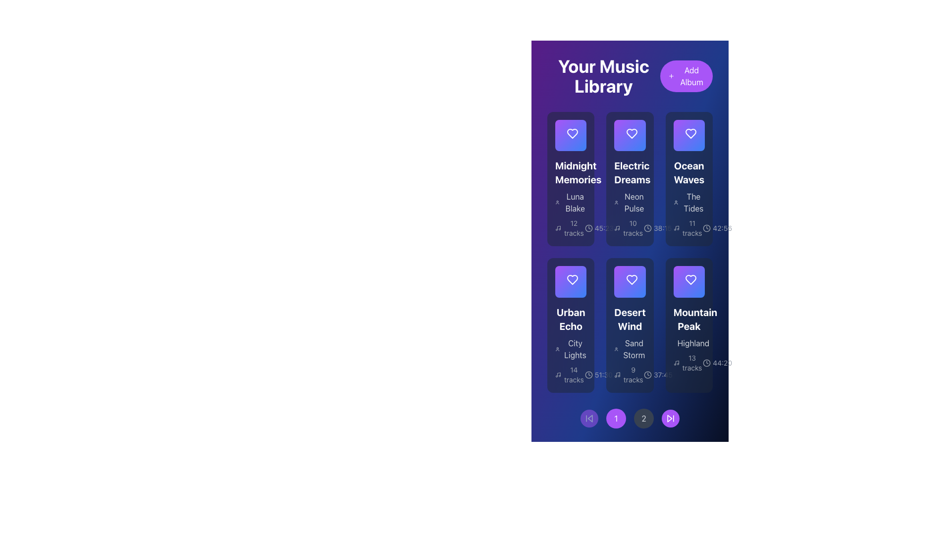 The width and height of the screenshot is (951, 535). Describe the element at coordinates (690, 134) in the screenshot. I see `the heart-shaped icon located in the third card of the top row, beneath the album title 'Ocean Waves'` at that location.